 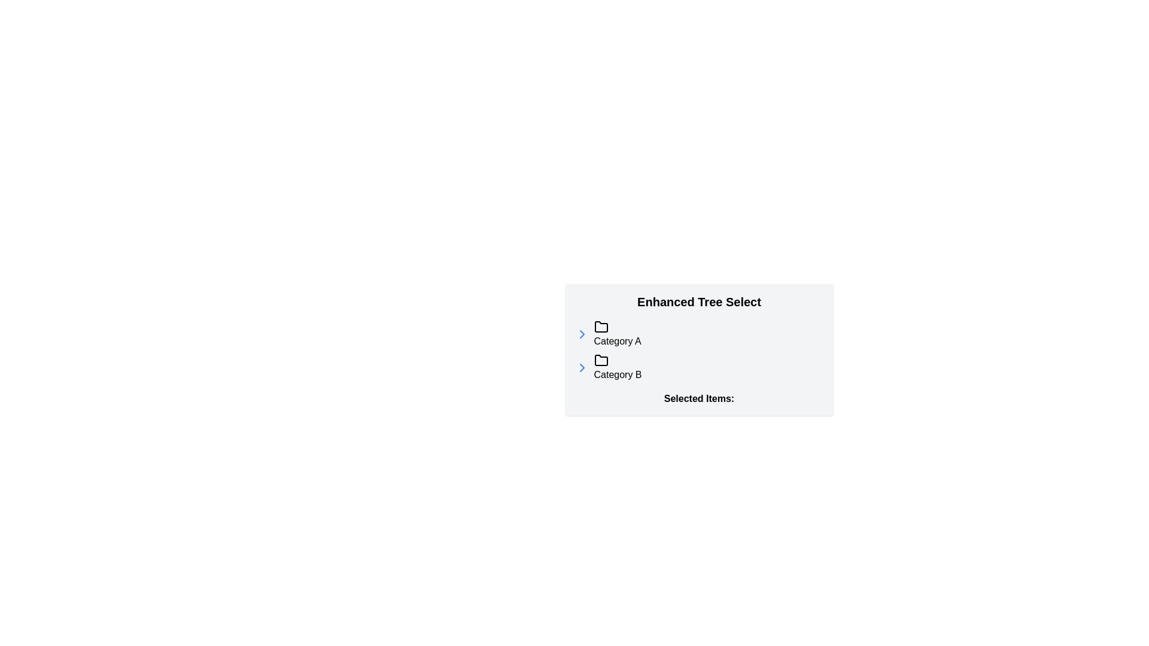 What do you see at coordinates (699, 301) in the screenshot?
I see `the text label displaying 'Enhanced Tree Select'` at bounding box center [699, 301].